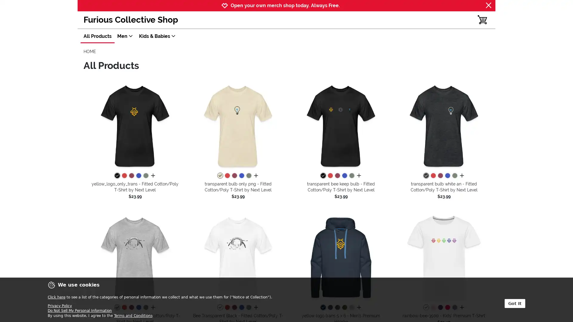 The image size is (573, 322). I want to click on heather red, so click(227, 308).